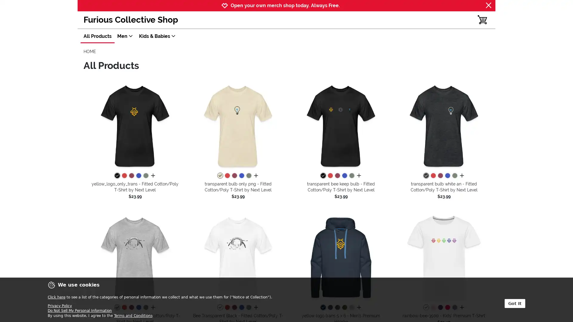 The image size is (573, 322). I want to click on heather red, so click(227, 308).